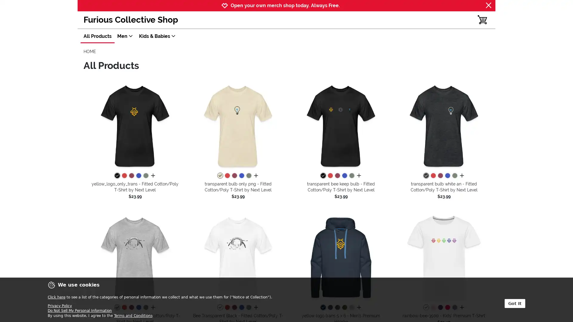 The image size is (573, 322). I want to click on heather red, so click(227, 308).